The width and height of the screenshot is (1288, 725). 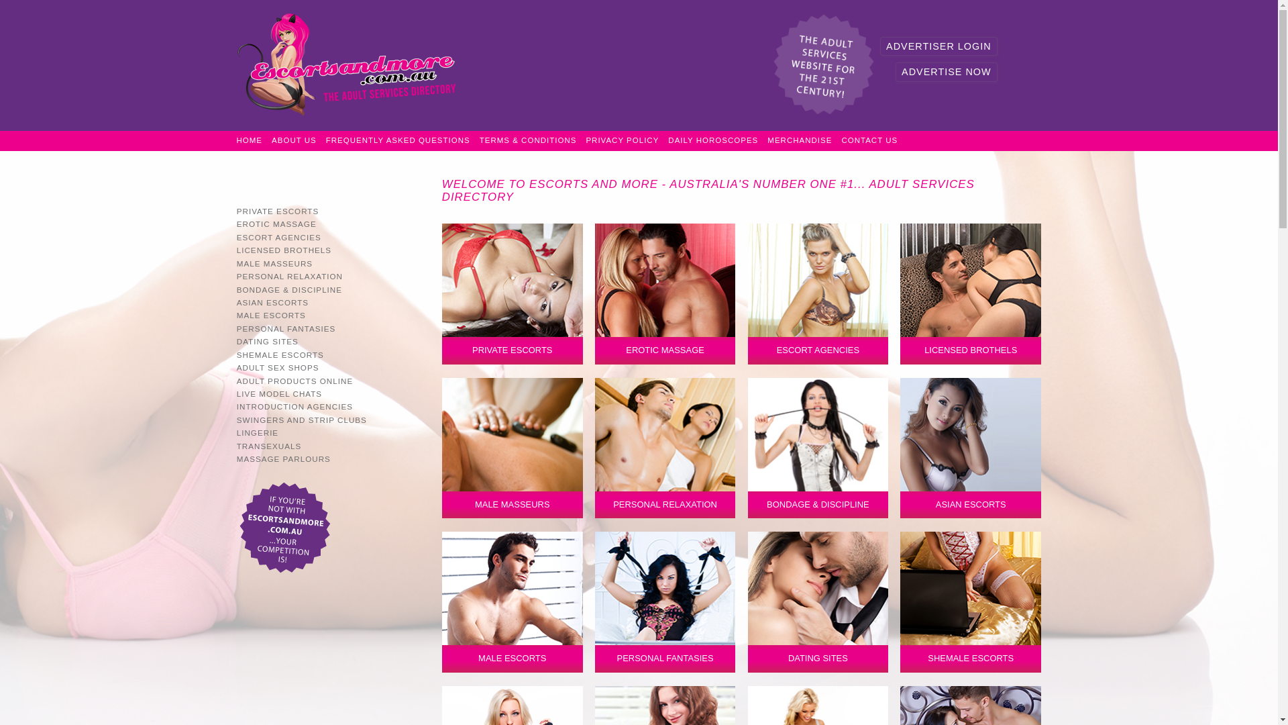 I want to click on 'FREQUENTLY ASKED QUESTIONS', so click(x=397, y=140).